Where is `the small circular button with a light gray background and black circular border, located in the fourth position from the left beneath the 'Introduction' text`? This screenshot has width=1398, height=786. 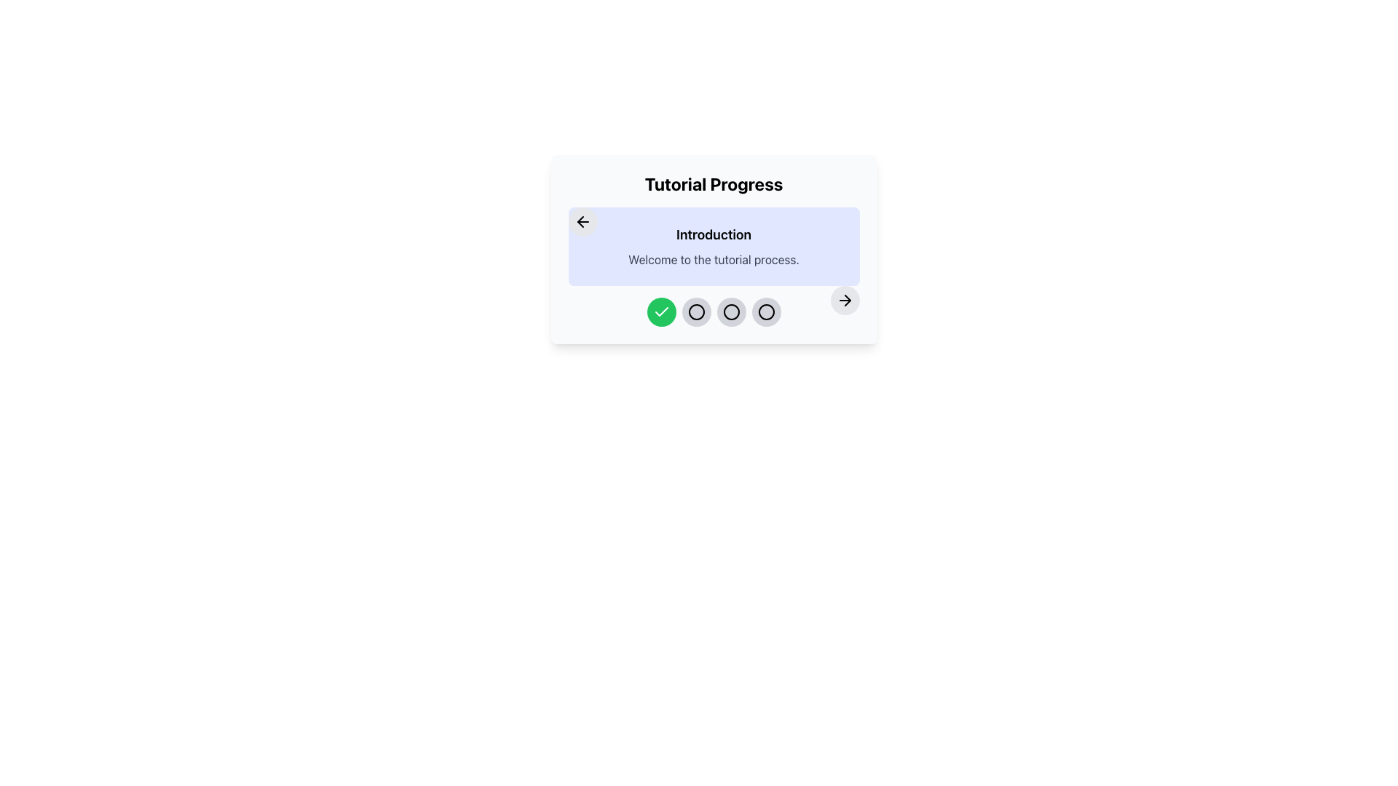 the small circular button with a light gray background and black circular border, located in the fourth position from the left beneath the 'Introduction' text is located at coordinates (731, 311).